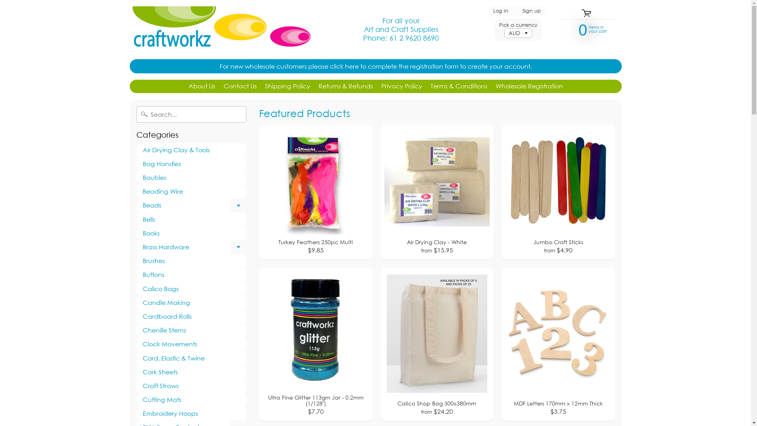  I want to click on 'Books', so click(191, 233).